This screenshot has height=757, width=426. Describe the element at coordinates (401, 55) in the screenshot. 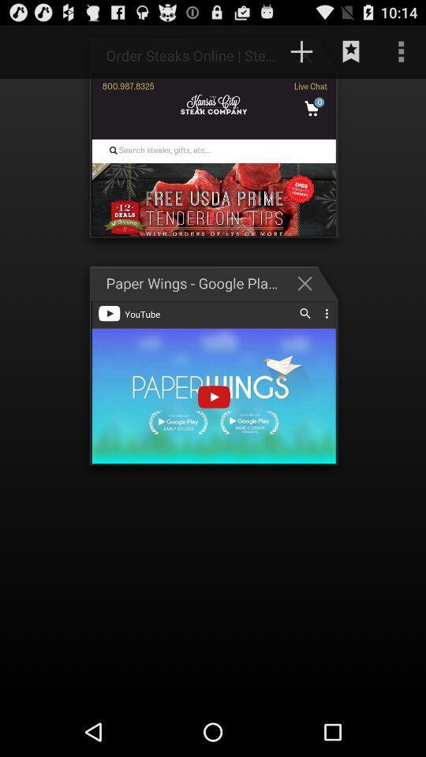

I see `the more icon` at that location.